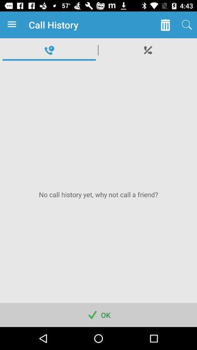 The height and width of the screenshot is (350, 197). What do you see at coordinates (13, 25) in the screenshot?
I see `the icon next to the call history item` at bounding box center [13, 25].